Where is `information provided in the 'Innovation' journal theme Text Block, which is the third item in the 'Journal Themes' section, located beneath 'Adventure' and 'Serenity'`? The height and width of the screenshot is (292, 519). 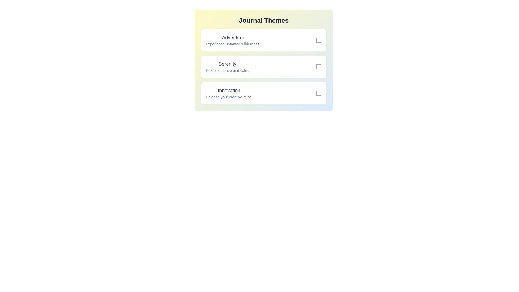
information provided in the 'Innovation' journal theme Text Block, which is the third item in the 'Journal Themes' section, located beneath 'Adventure' and 'Serenity' is located at coordinates (229, 93).